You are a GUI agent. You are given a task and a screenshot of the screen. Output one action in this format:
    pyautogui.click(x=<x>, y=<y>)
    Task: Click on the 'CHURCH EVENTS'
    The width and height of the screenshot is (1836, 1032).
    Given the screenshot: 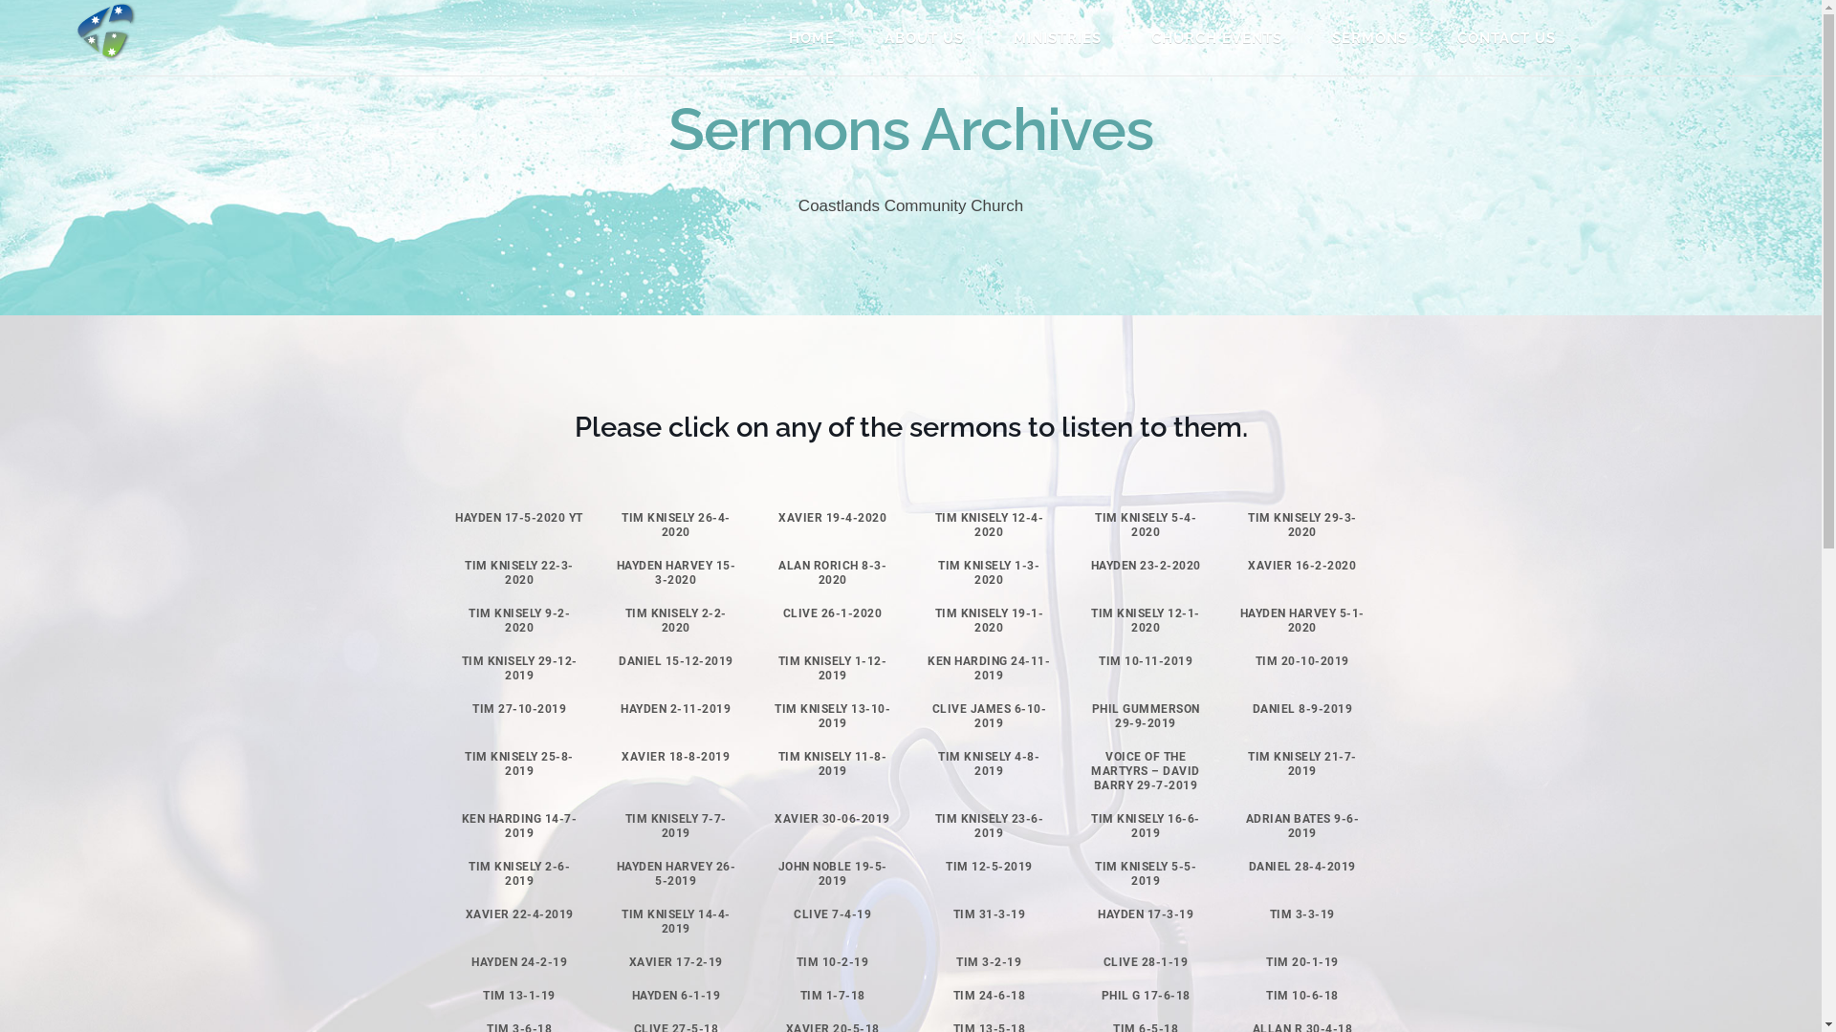 What is the action you would take?
    pyautogui.click(x=1224, y=37)
    